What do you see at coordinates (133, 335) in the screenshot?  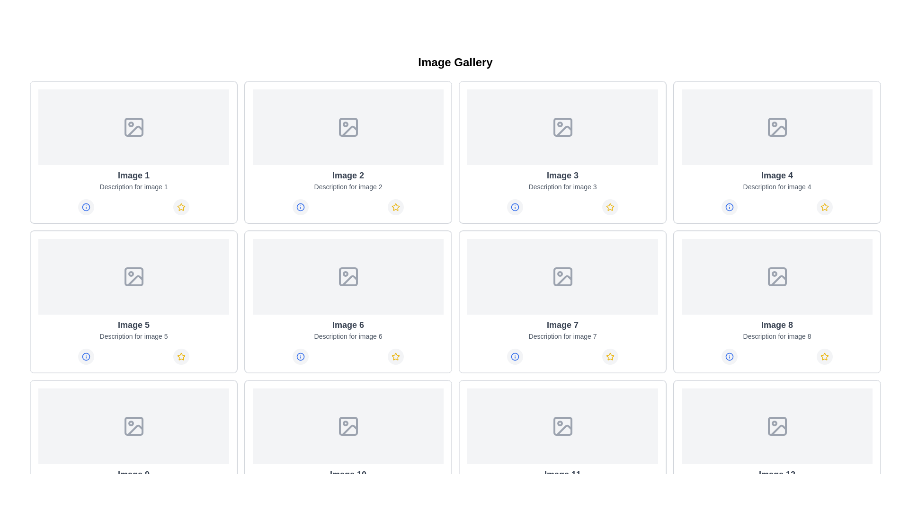 I see `the text label displaying 'Description for image 5', which is styled with a small font size and gray color, located beneath the title text 'Image 5' in the card representing the fifth image` at bounding box center [133, 335].